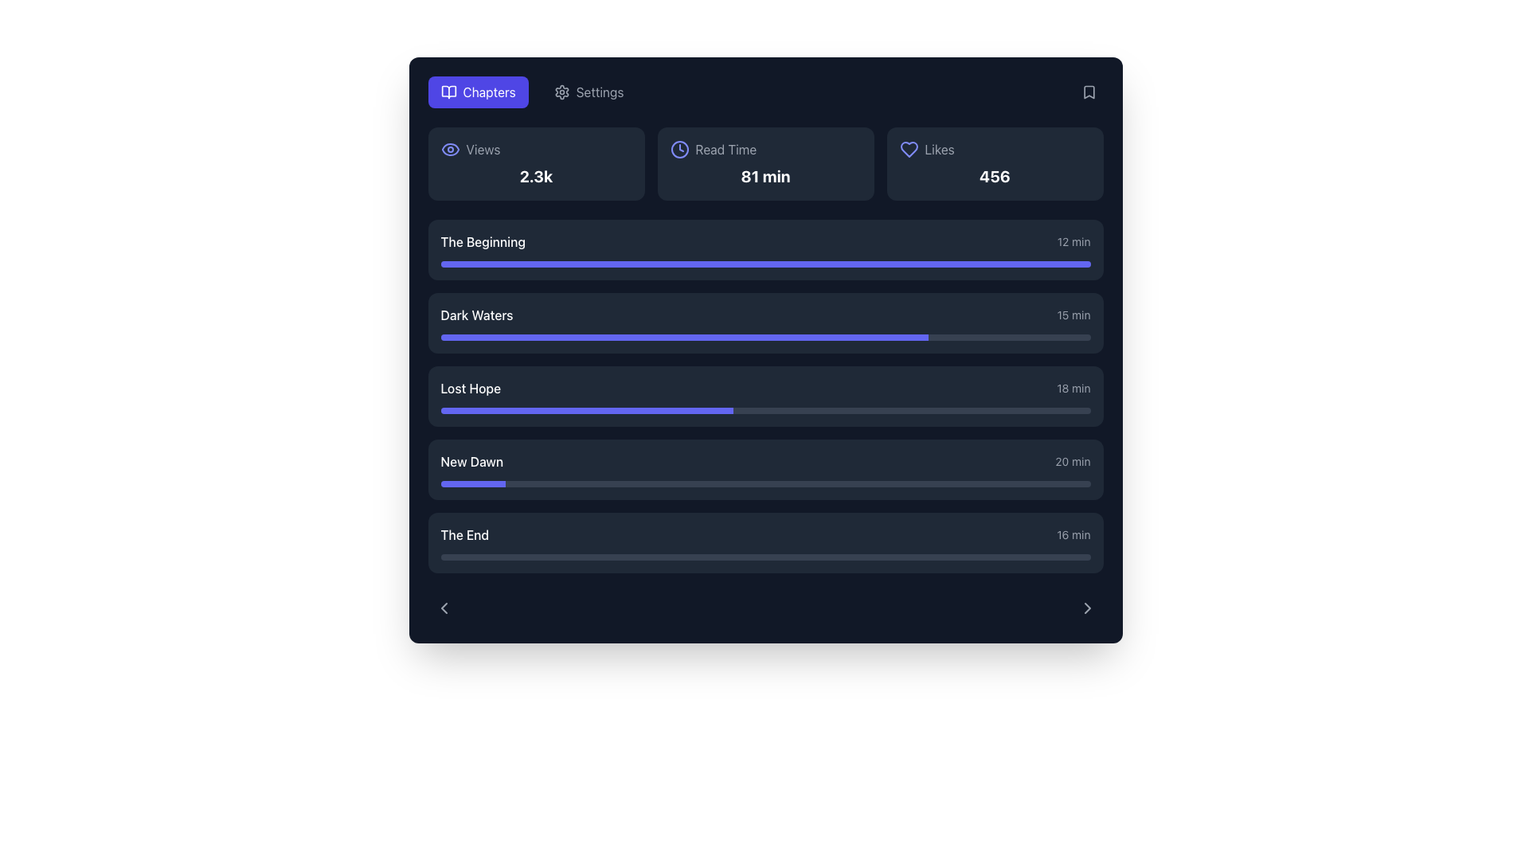 The height and width of the screenshot is (860, 1529). What do you see at coordinates (444, 608) in the screenshot?
I see `the circular button with a leftward chevron and a dark background` at bounding box center [444, 608].